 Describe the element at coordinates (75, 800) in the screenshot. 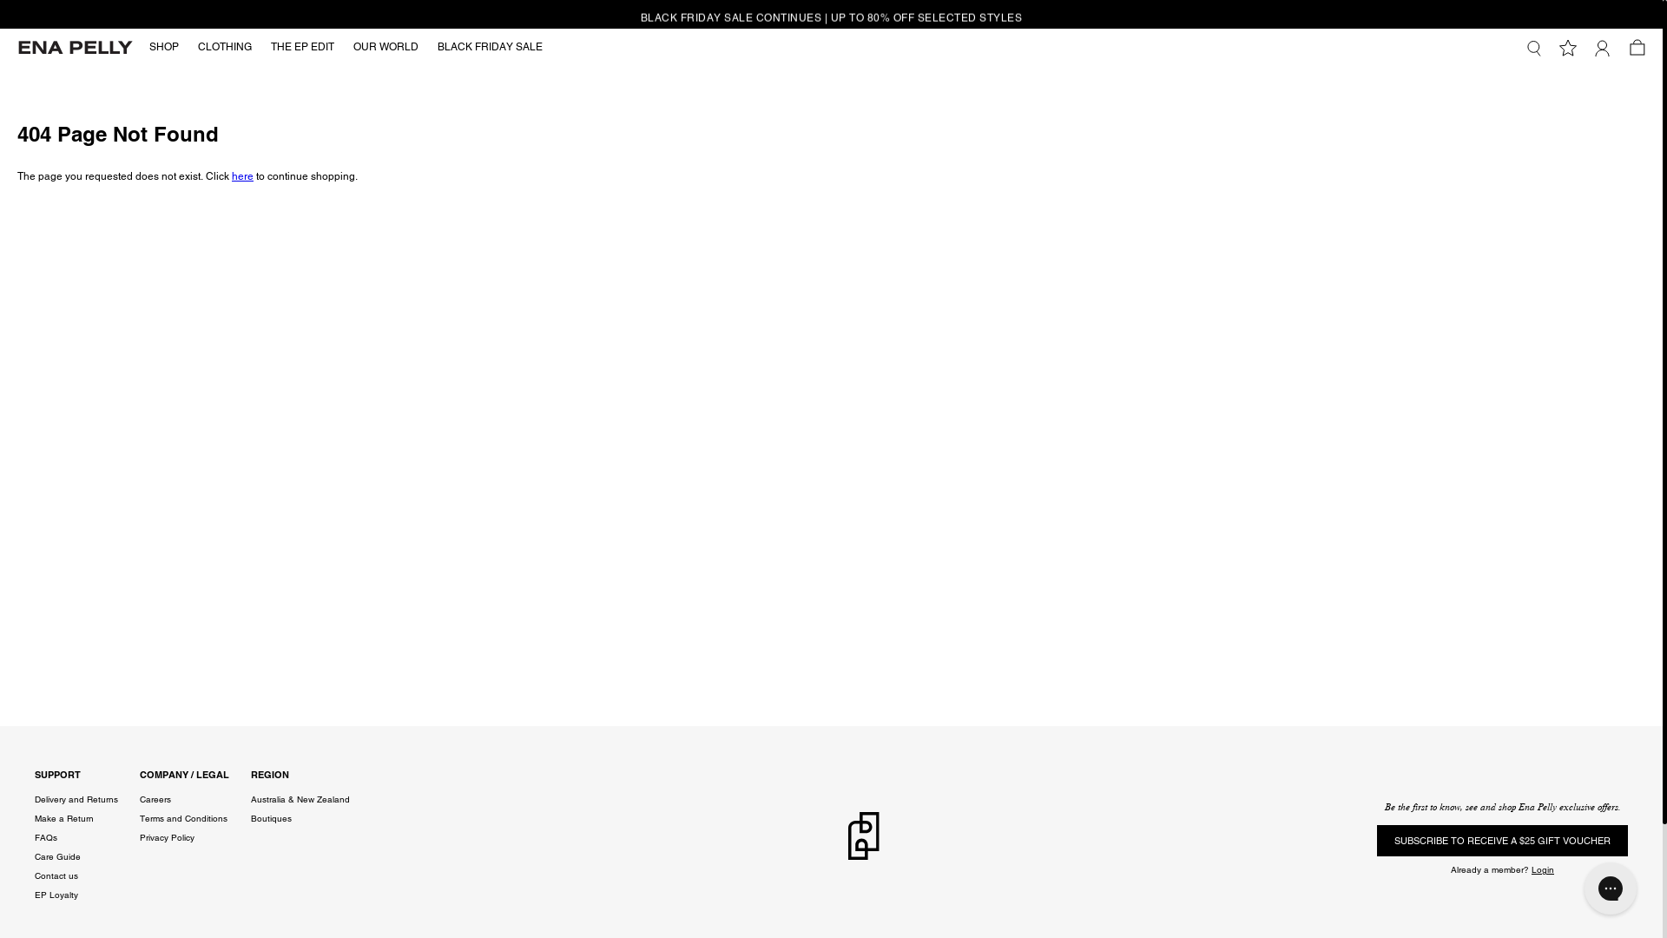

I see `'Delivery and Returns'` at that location.